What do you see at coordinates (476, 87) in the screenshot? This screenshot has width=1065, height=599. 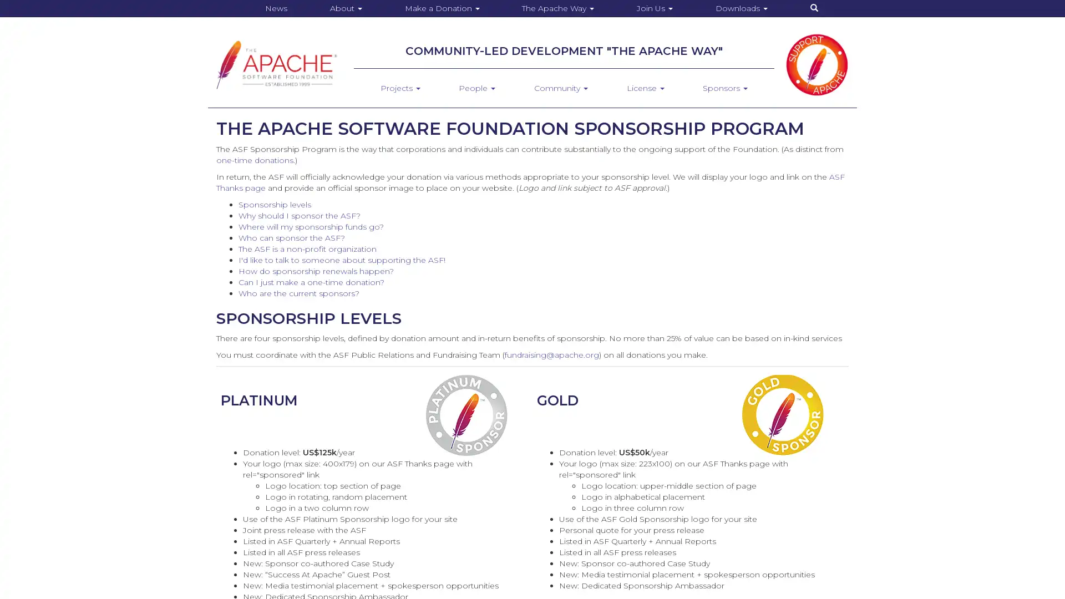 I see `People` at bounding box center [476, 87].